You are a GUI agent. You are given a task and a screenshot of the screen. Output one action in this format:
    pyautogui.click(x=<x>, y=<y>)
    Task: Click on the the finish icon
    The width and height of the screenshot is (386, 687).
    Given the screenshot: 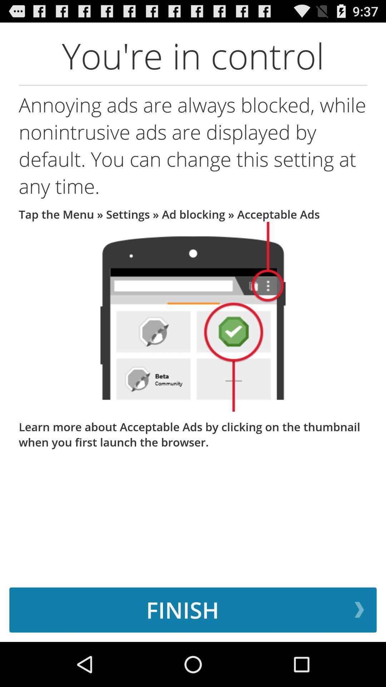 What is the action you would take?
    pyautogui.click(x=193, y=609)
    